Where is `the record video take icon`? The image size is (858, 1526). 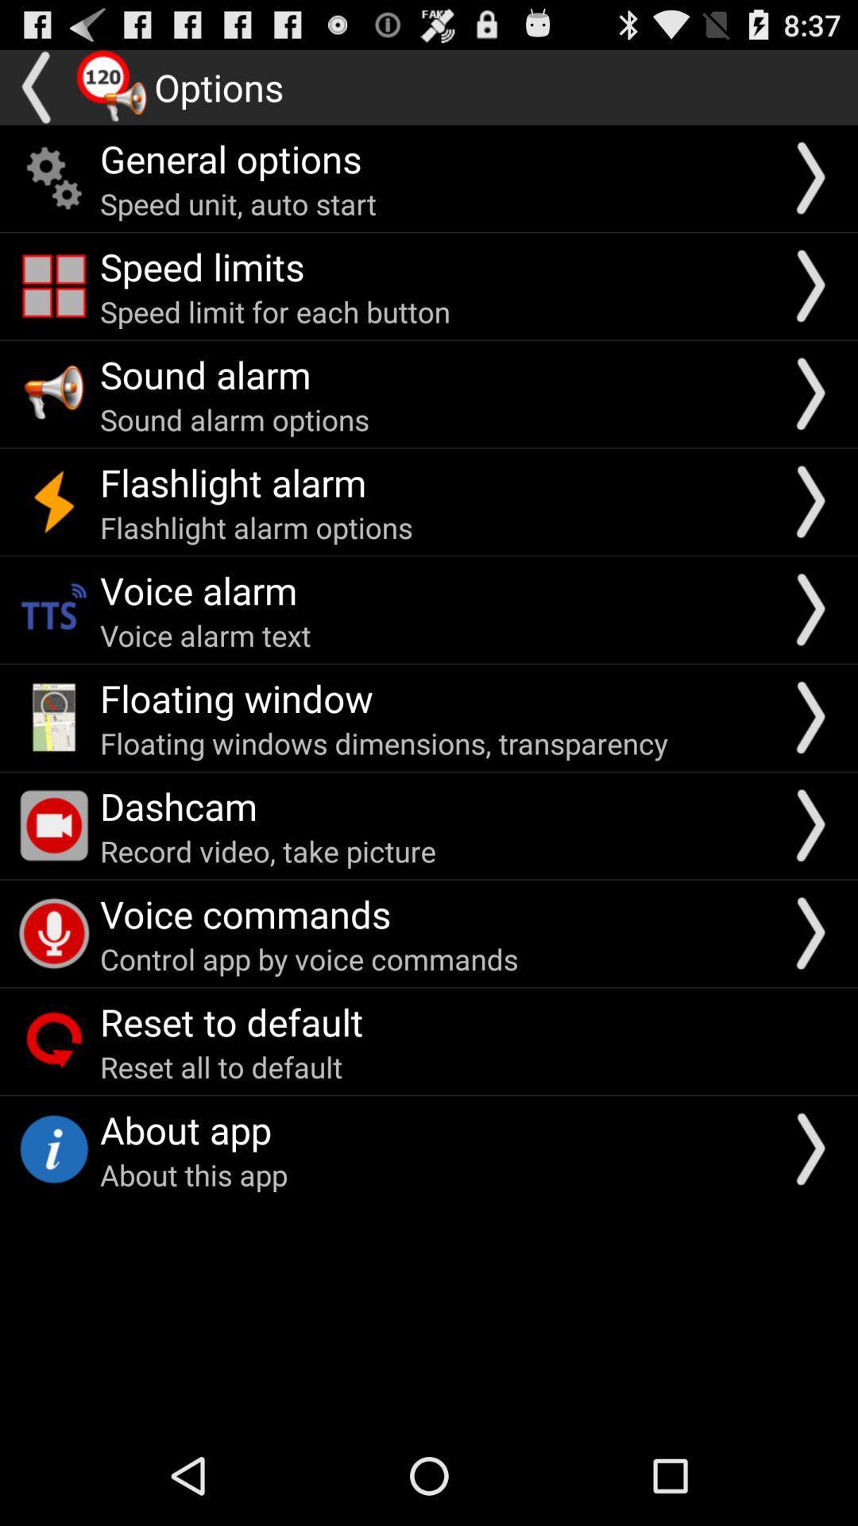 the record video take icon is located at coordinates (267, 850).